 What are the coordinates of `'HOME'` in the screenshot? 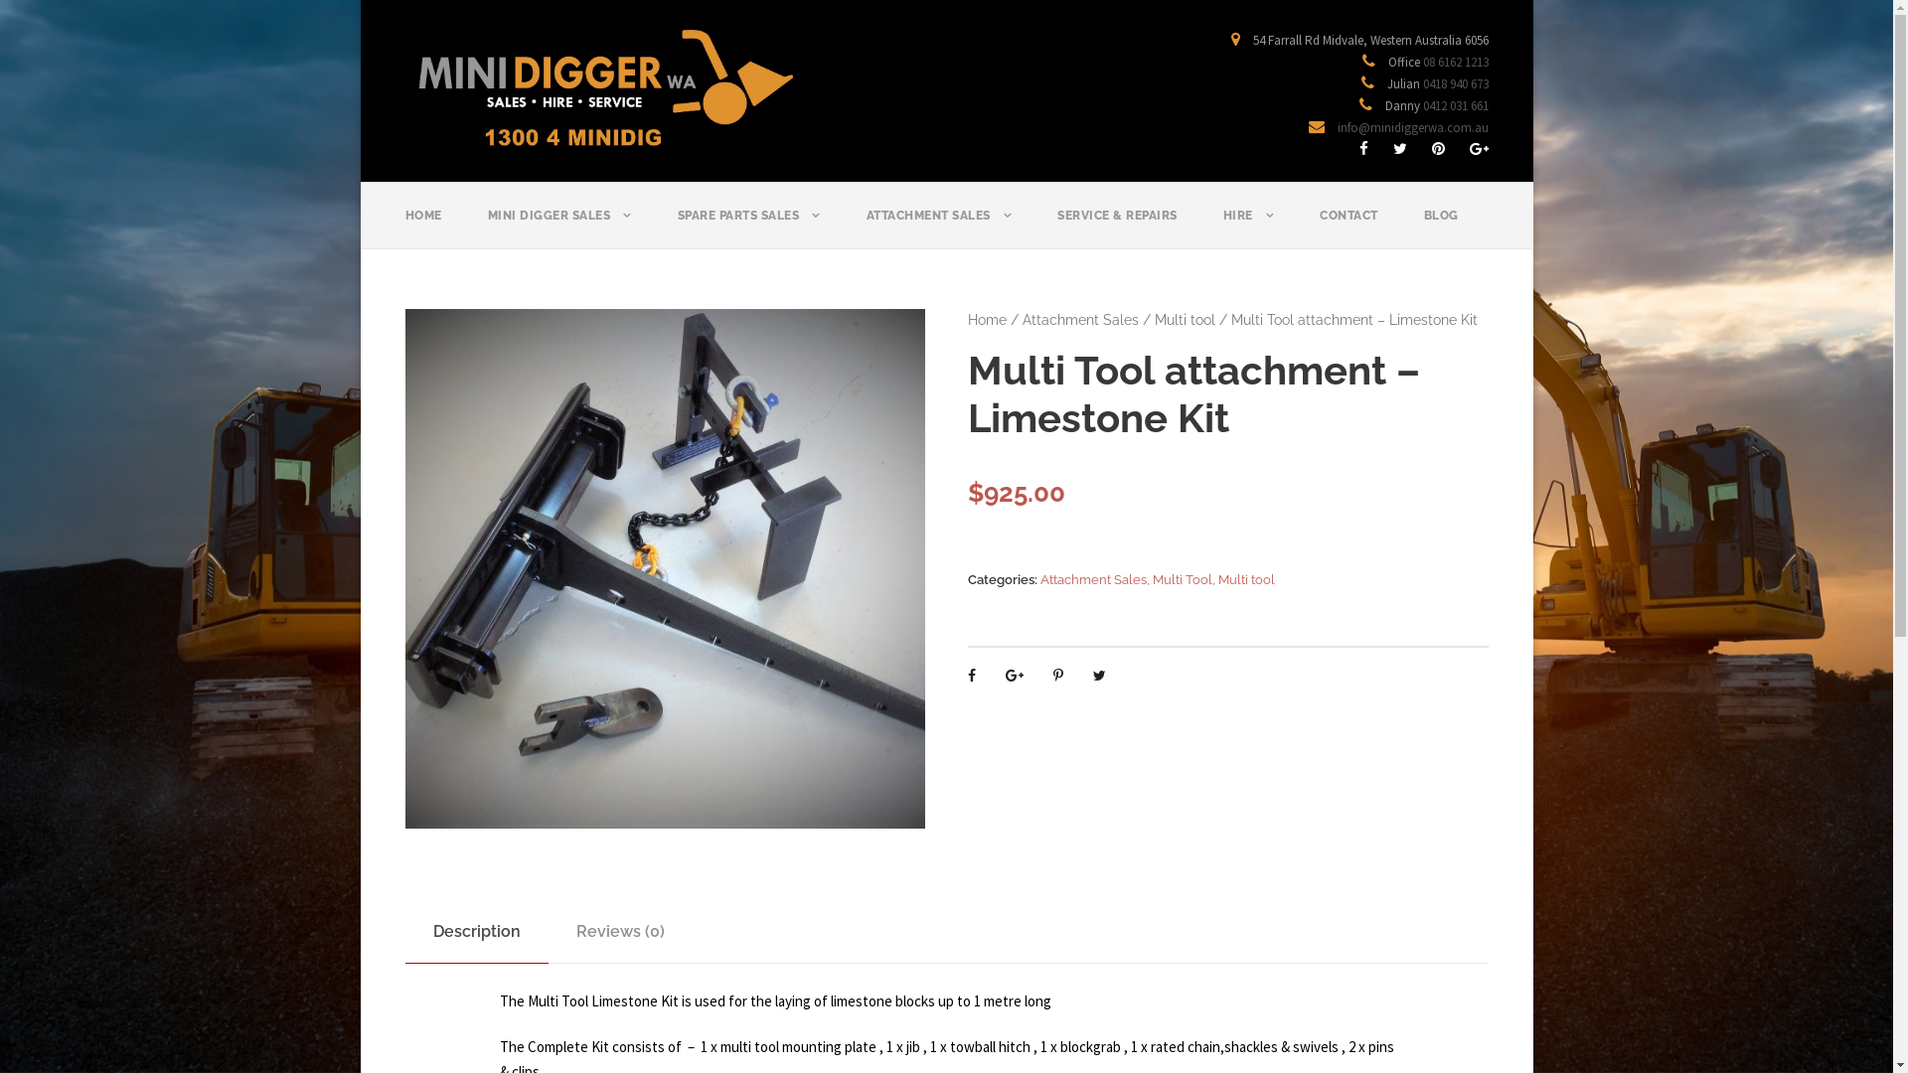 It's located at (422, 226).